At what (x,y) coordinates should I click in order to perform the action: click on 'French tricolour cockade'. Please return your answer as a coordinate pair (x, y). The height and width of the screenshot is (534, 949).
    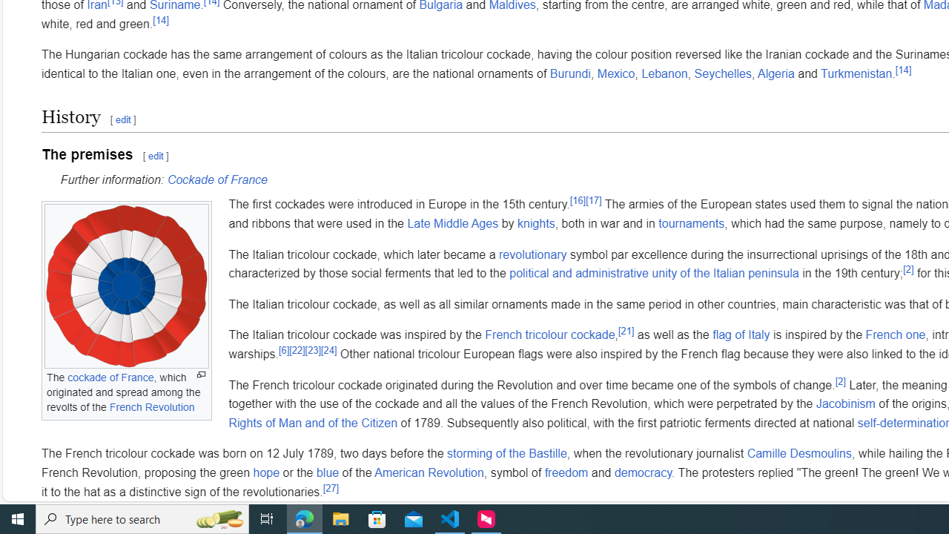
    Looking at the image, I should click on (549, 334).